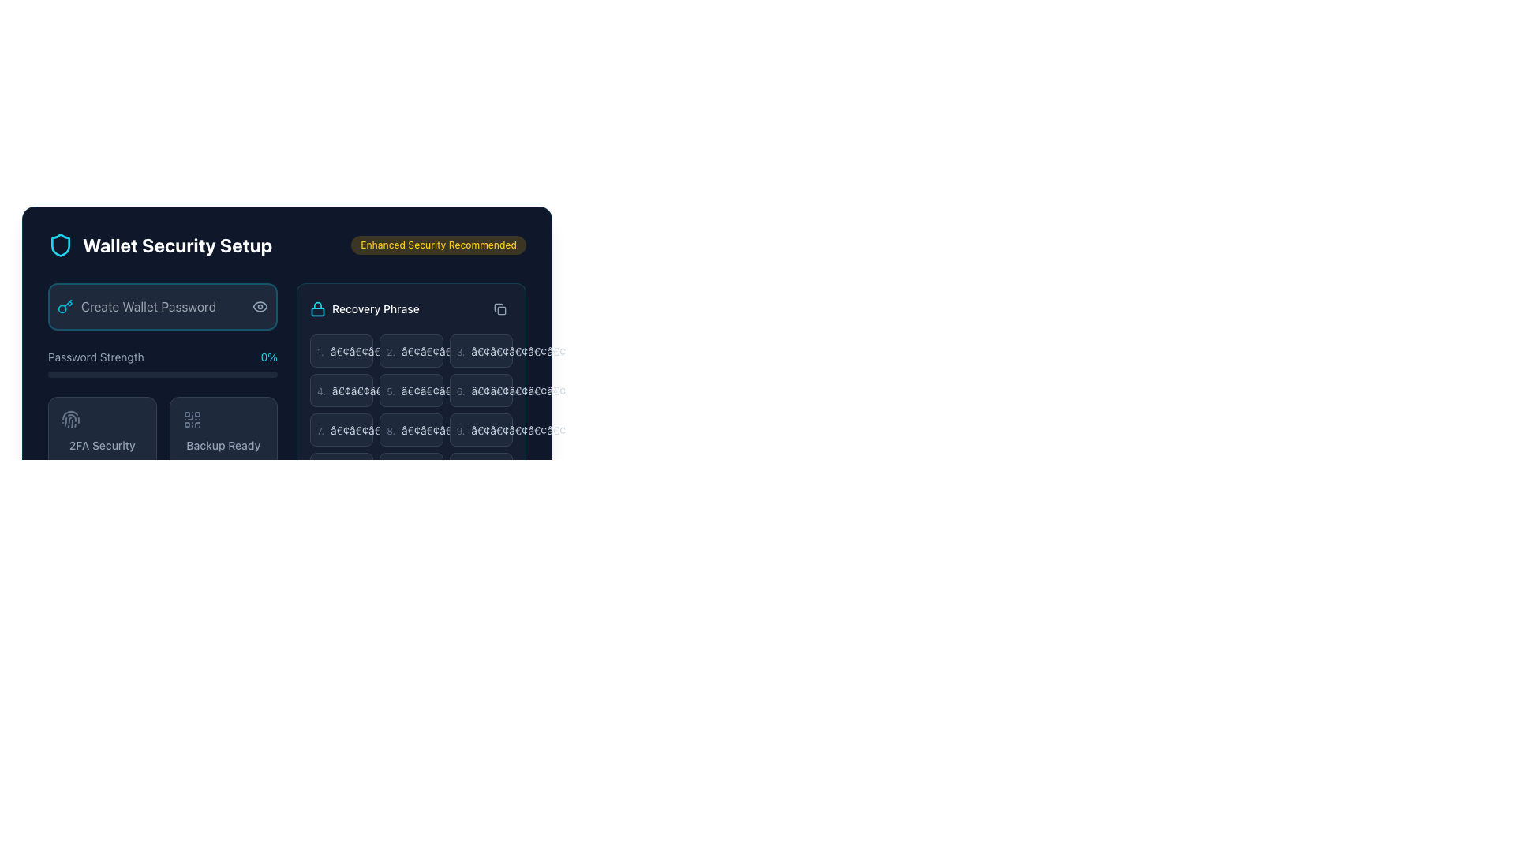 This screenshot has width=1515, height=852. I want to click on the key icon, which is styled in cyan and located within the 'Create Wallet Password' text input field in the 'Wallet Security Setup' interface, so click(60, 307).